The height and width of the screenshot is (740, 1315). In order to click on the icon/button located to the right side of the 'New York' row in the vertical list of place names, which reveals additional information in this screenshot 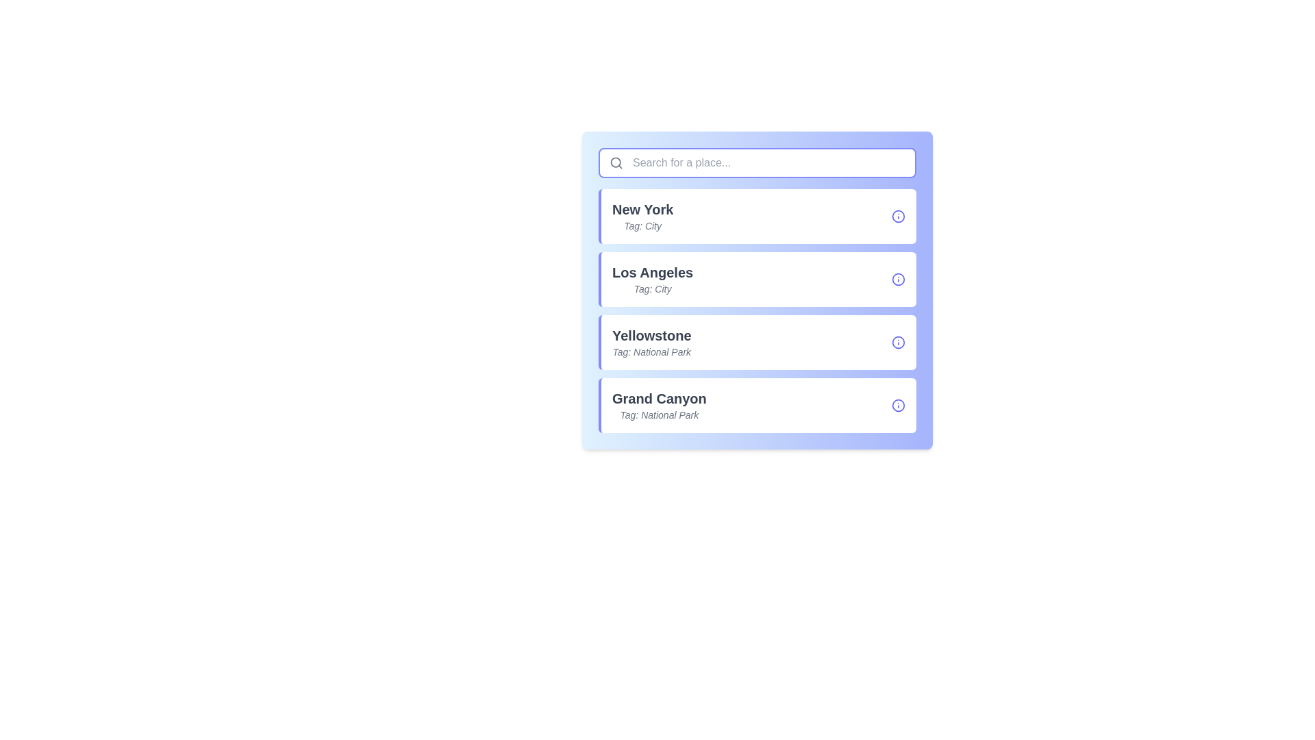, I will do `click(898, 216)`.